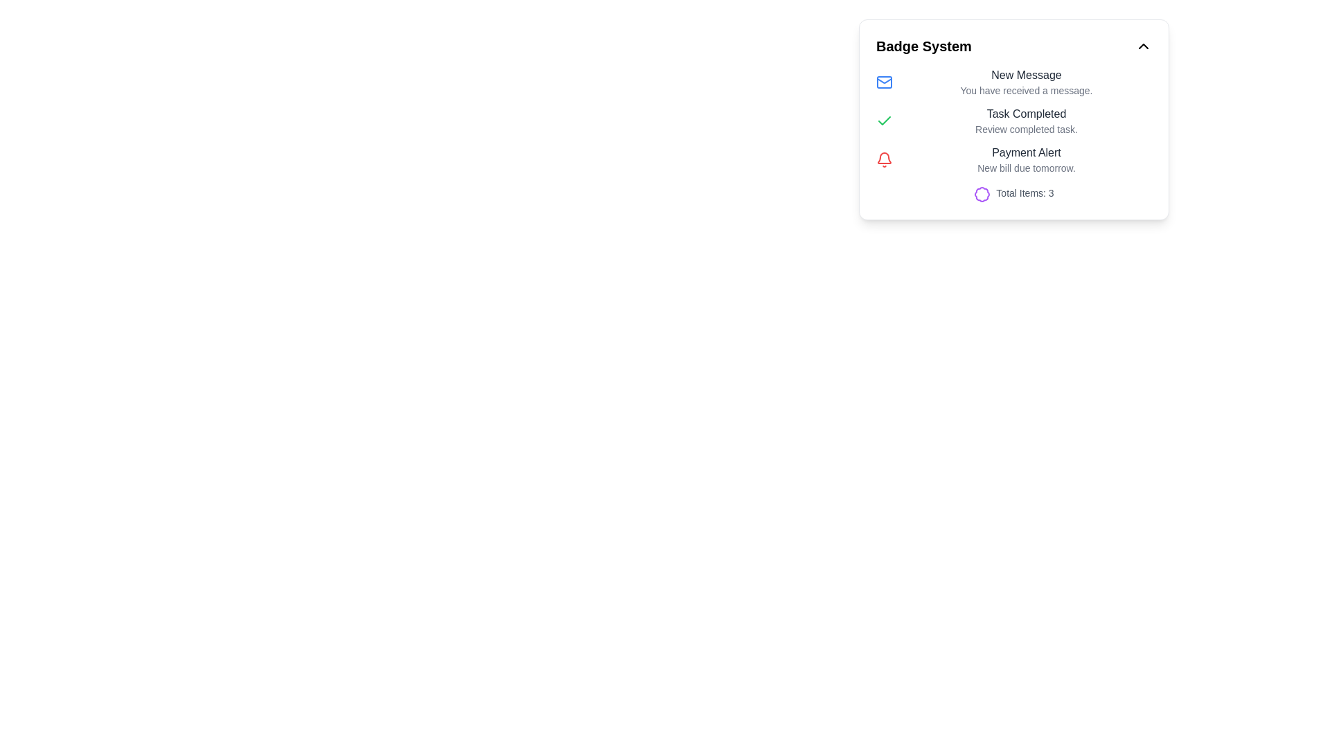 The height and width of the screenshot is (748, 1330). I want to click on text of the title label for the payment alert notification, which is located above the 'New bill due tomorrow.' text, so click(1027, 152).